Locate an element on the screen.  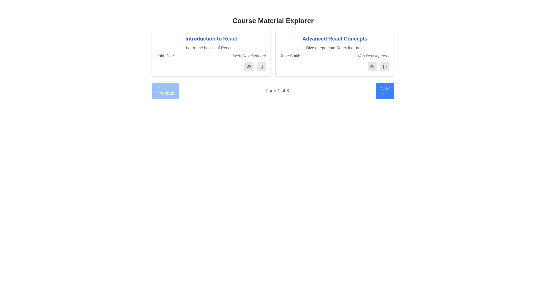
the bookmark button located at the bottom-right corner underneath the card labeled 'Advanced React Concepts' to bookmark the item is located at coordinates (385, 66).